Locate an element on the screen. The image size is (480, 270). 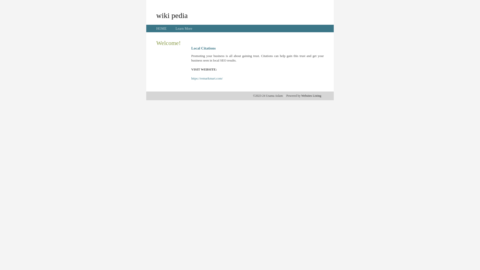
'wiki pedia' is located at coordinates (172, 15).